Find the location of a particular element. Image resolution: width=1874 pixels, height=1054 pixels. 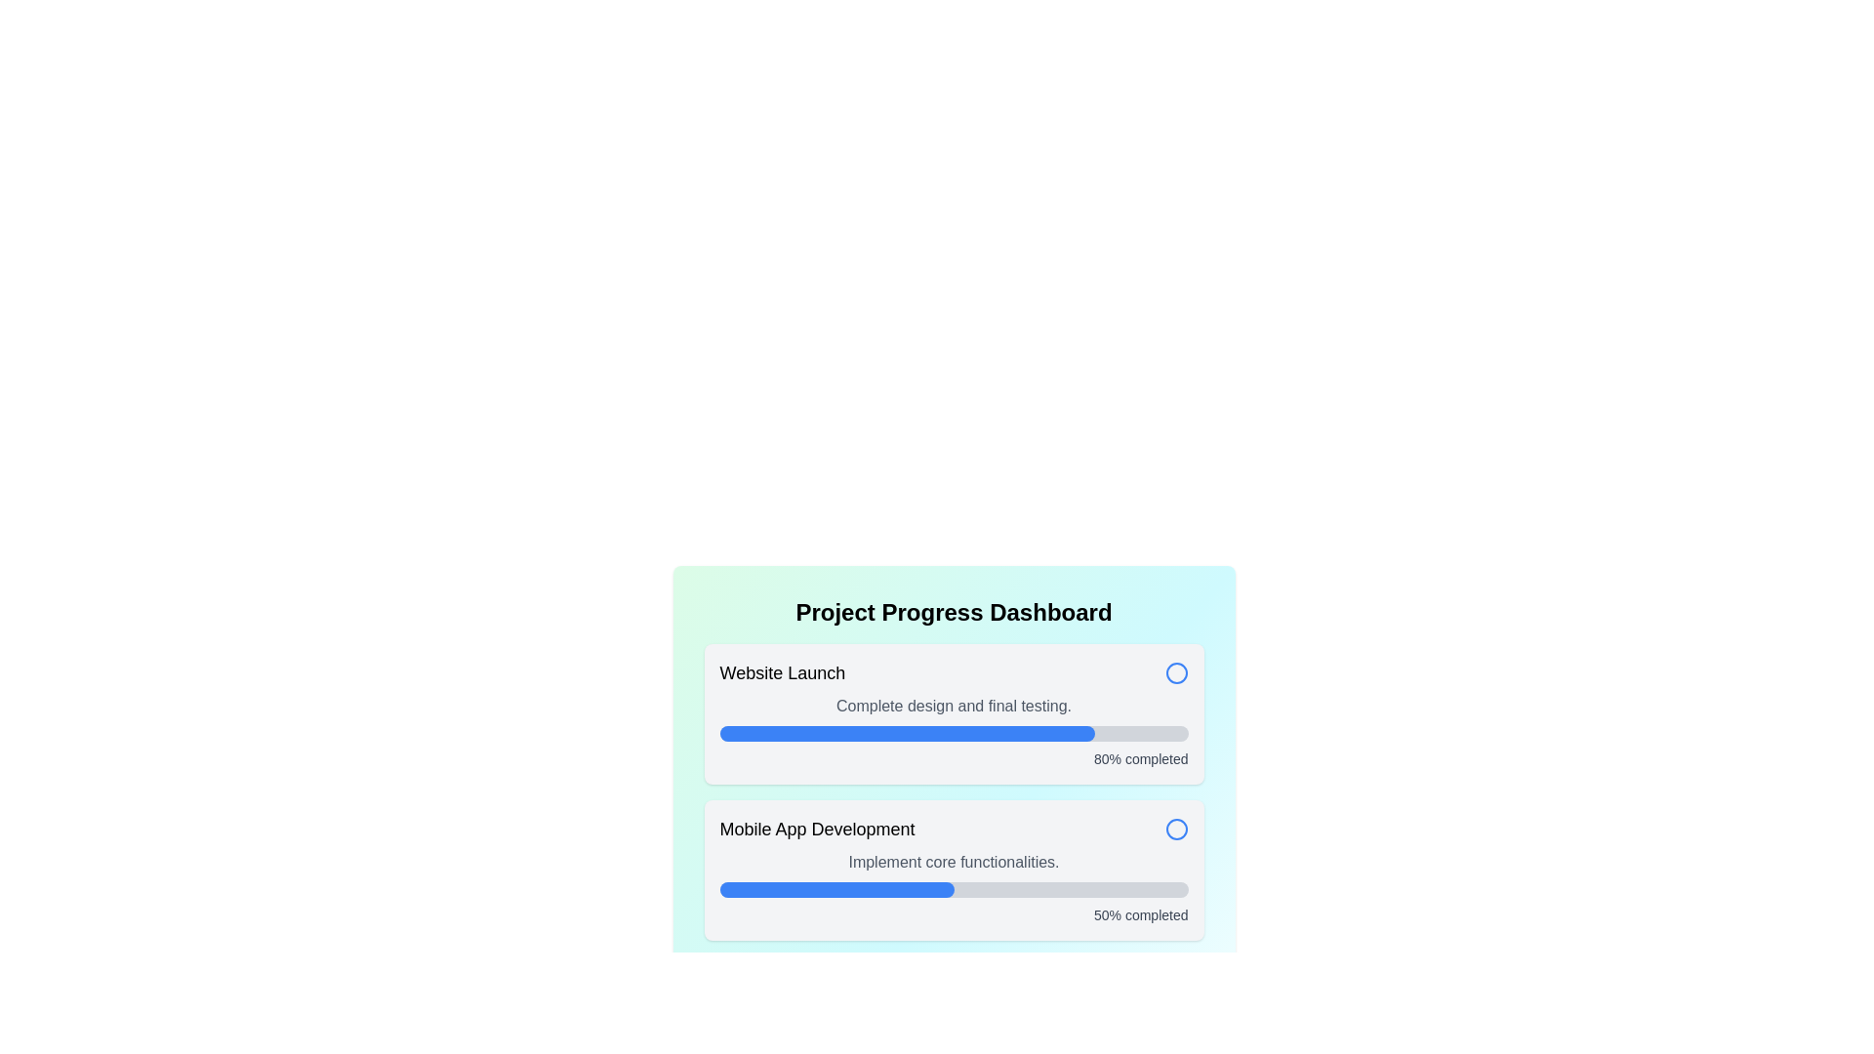

the progress bar segment that visually represents the 50% completion of the 'Mobile App Development' process is located at coordinates (836, 889).